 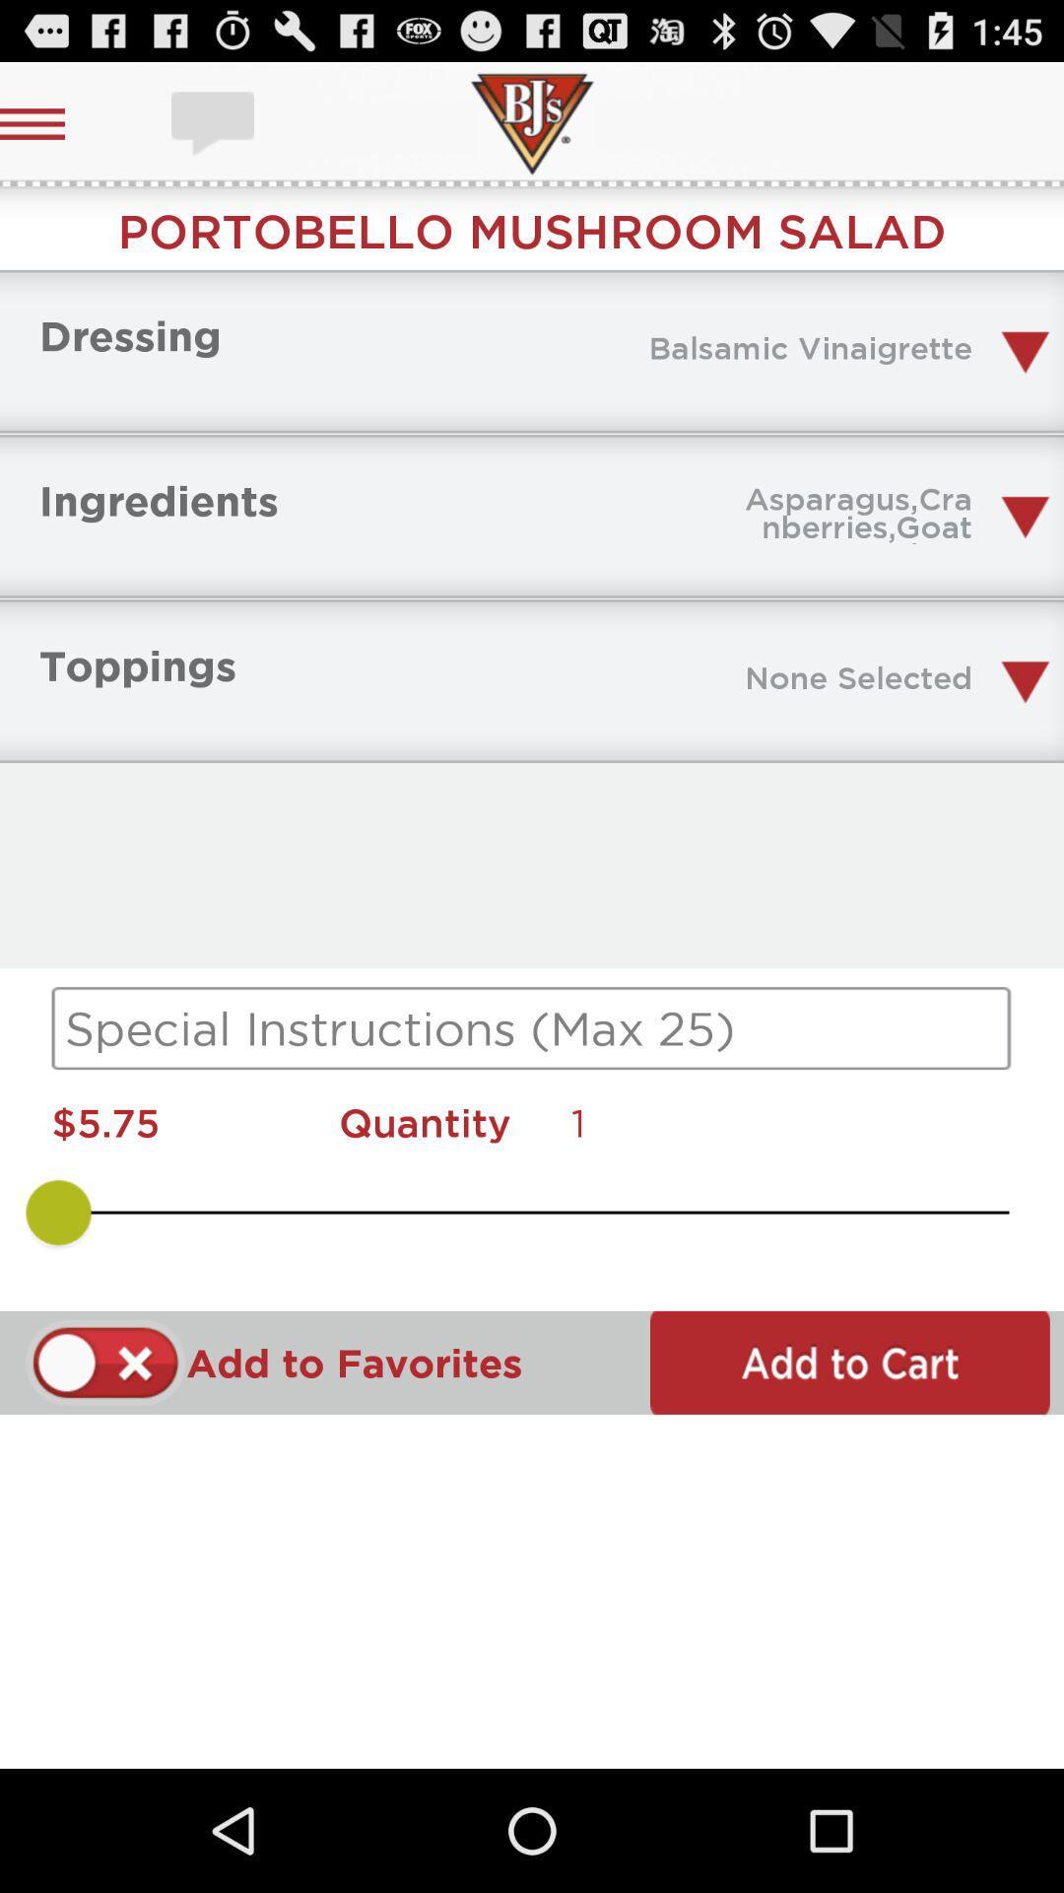 What do you see at coordinates (105, 1362) in the screenshot?
I see `do not add to favorites` at bounding box center [105, 1362].